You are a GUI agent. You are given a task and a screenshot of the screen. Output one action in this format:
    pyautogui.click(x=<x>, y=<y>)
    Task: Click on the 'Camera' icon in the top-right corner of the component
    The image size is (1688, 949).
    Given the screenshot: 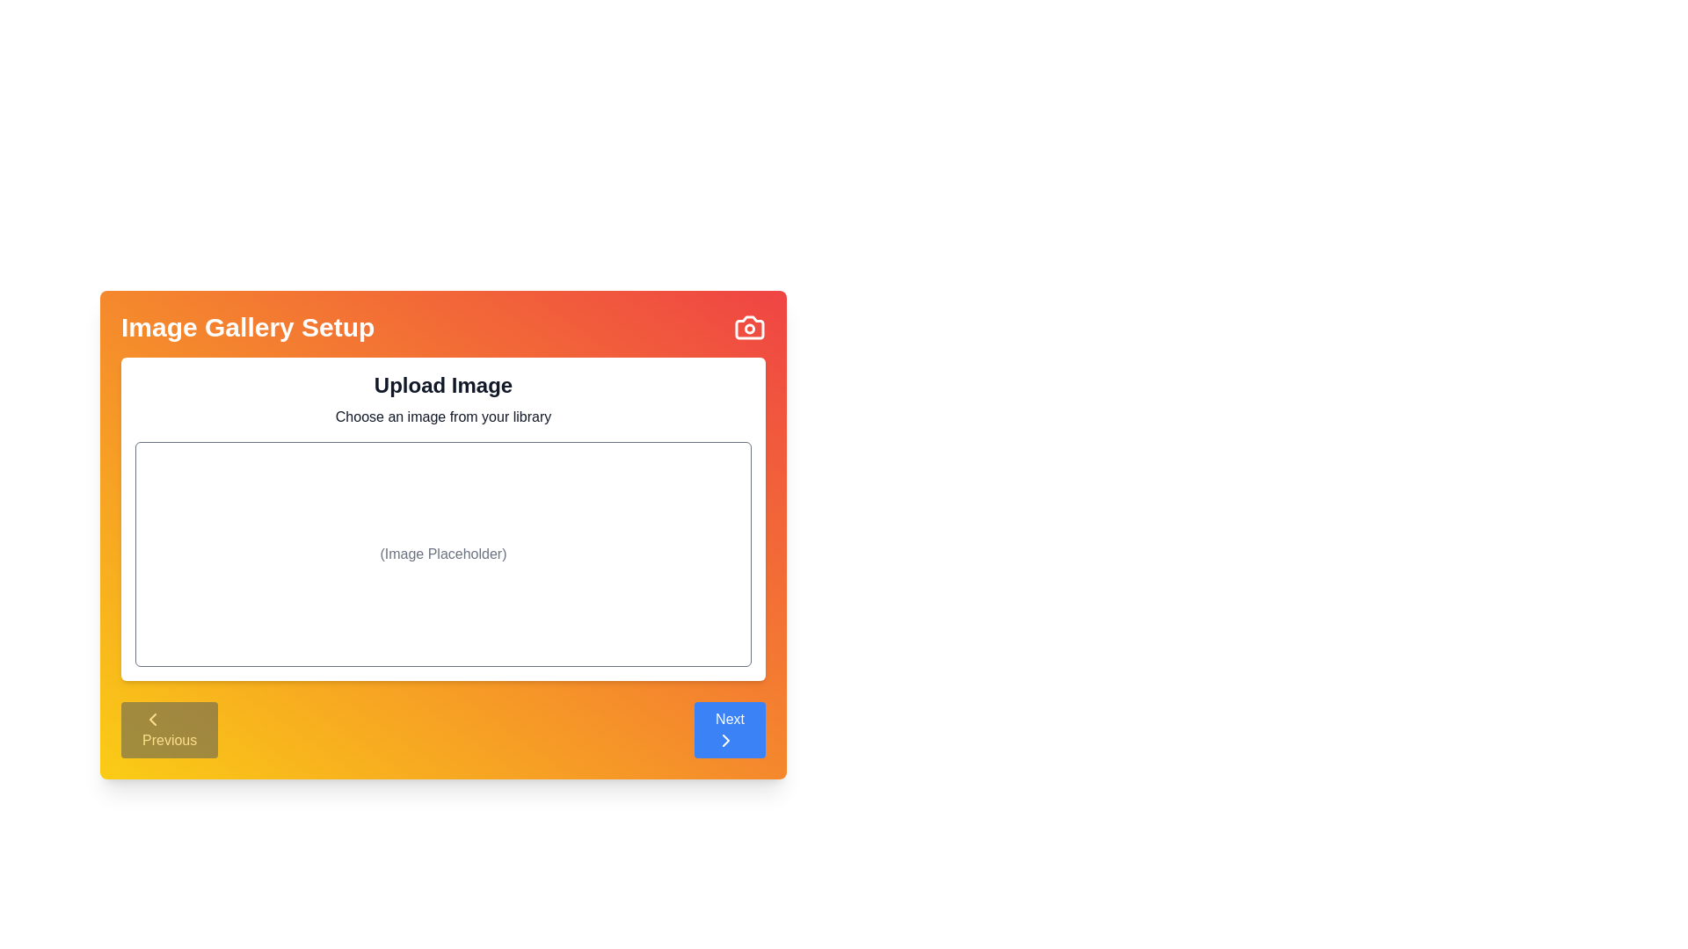 What is the action you would take?
    pyautogui.click(x=750, y=328)
    